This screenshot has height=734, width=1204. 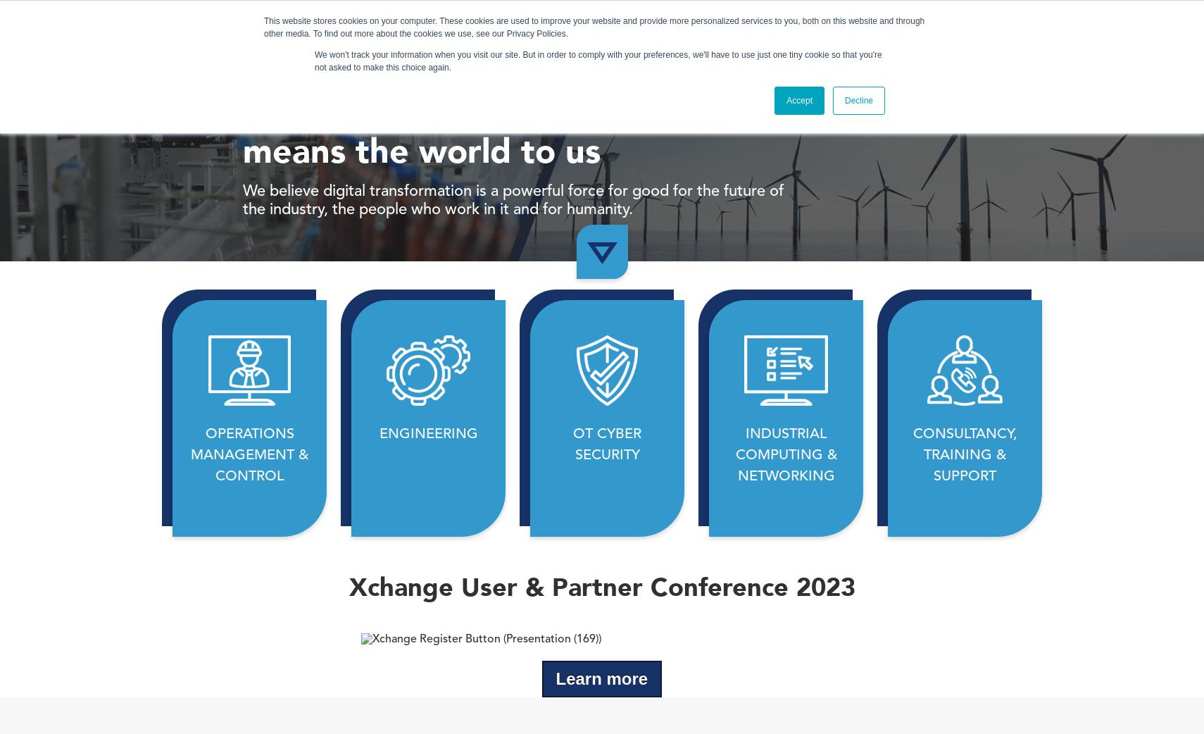 What do you see at coordinates (858, 100) in the screenshot?
I see `'Decline'` at bounding box center [858, 100].